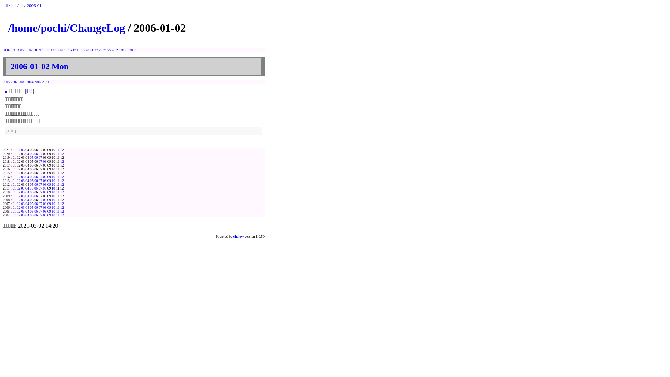 This screenshot has width=670, height=377. What do you see at coordinates (44, 161) in the screenshot?
I see `'08'` at bounding box center [44, 161].